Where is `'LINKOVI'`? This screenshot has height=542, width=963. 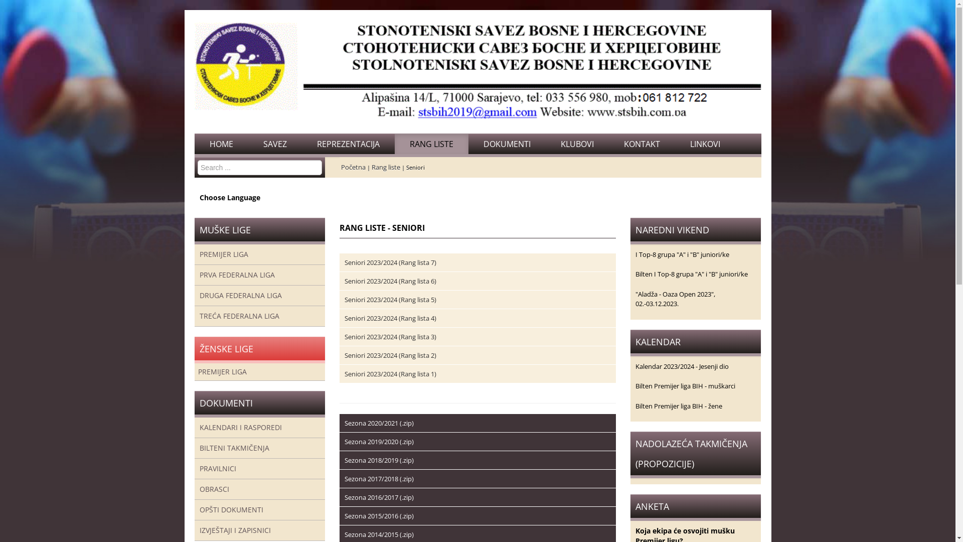 'LINKOVI' is located at coordinates (705, 144).